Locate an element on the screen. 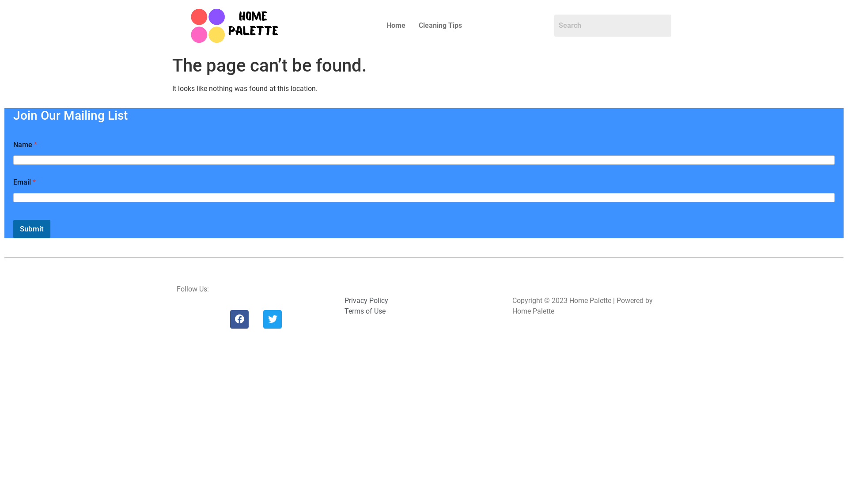 Image resolution: width=848 pixels, height=477 pixels. 'Search' is located at coordinates (612, 25).